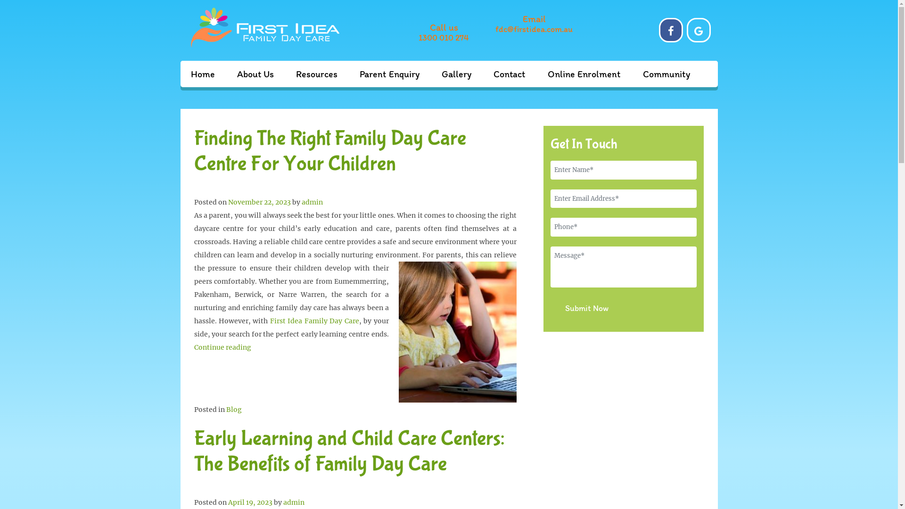  What do you see at coordinates (534, 28) in the screenshot?
I see `'fdc@firstidea.com.au'` at bounding box center [534, 28].